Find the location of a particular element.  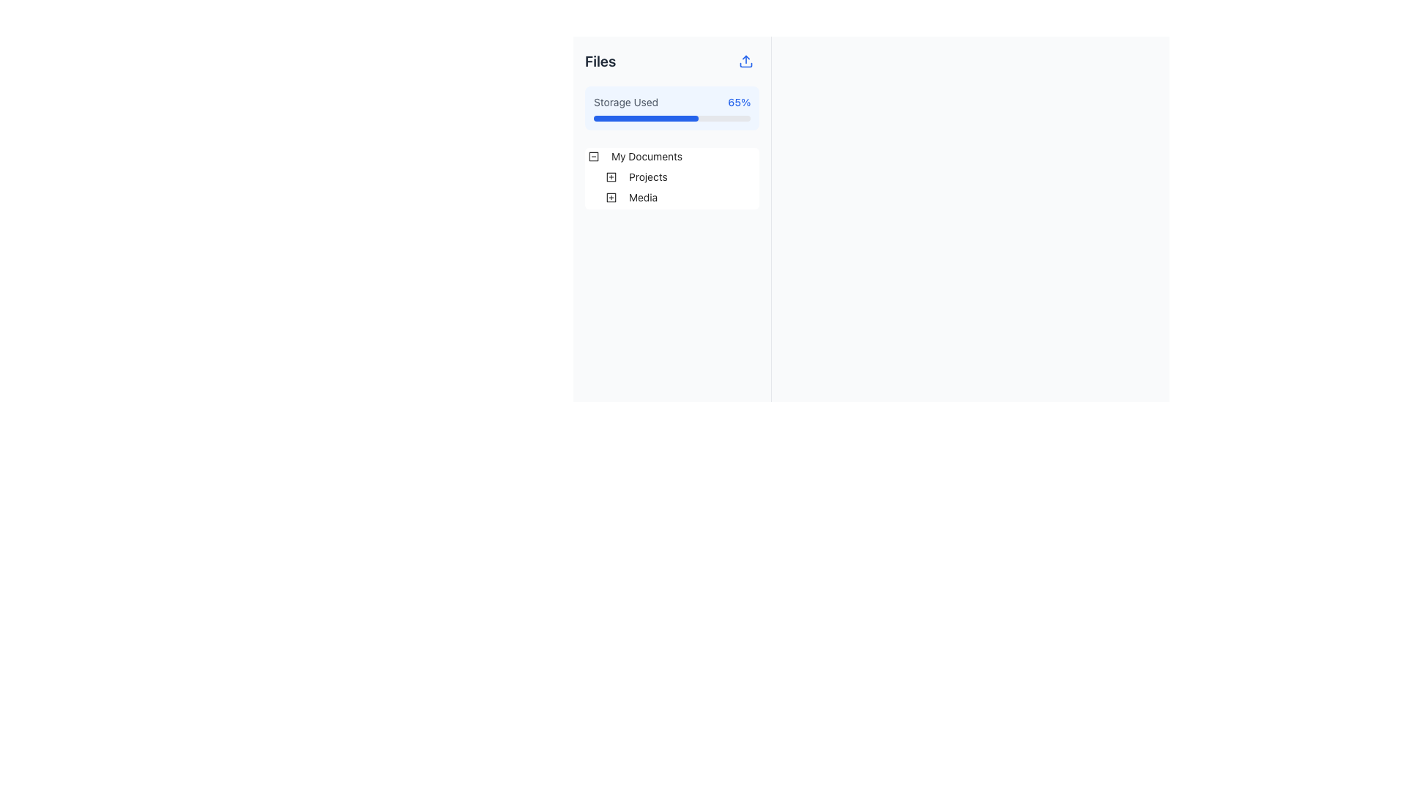

the text label that serves as a section header for file management, located at the top-left corner of the interface, to the left of the interactive upload button is located at coordinates (600, 61).